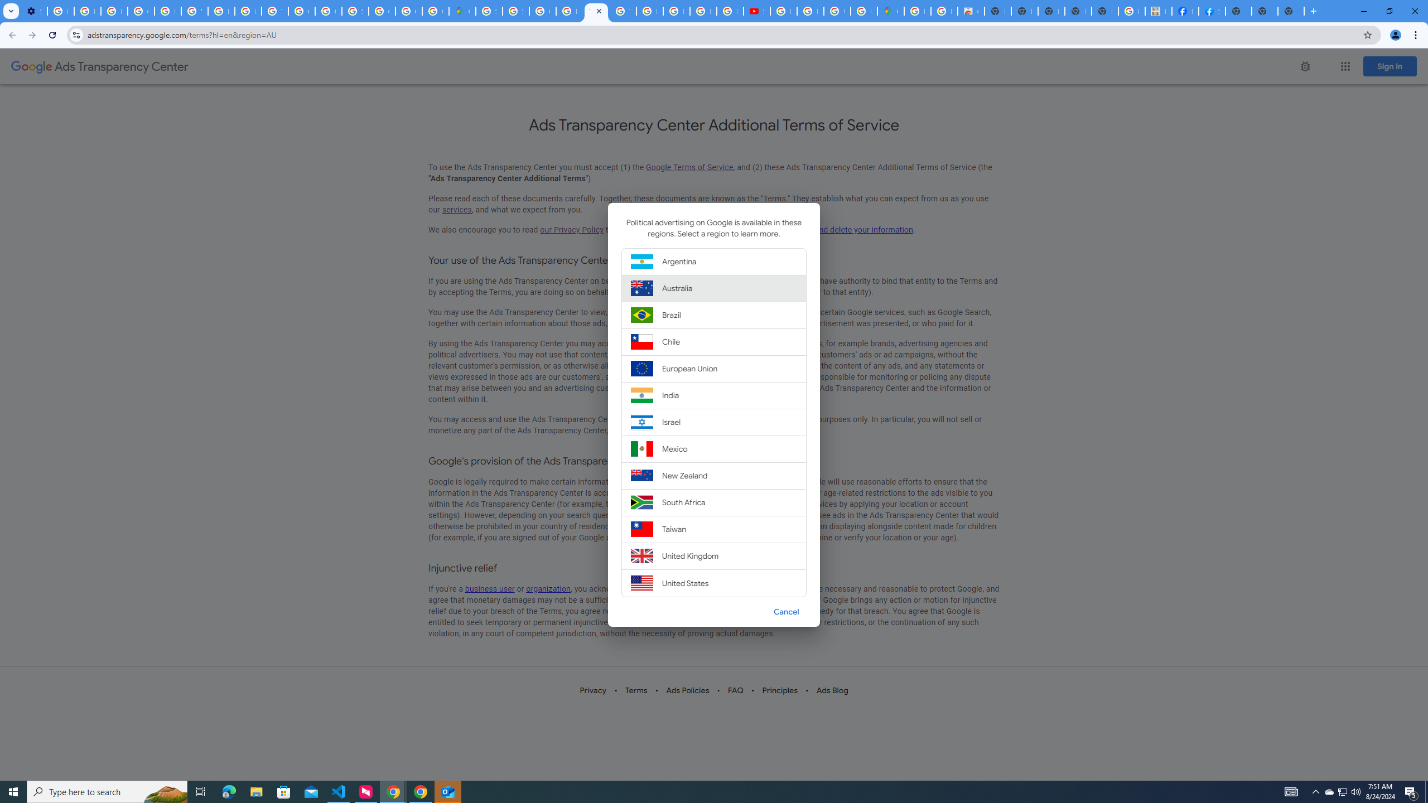  Describe the element at coordinates (1184, 11) in the screenshot. I see `'Miley Cyrus | Facebook'` at that location.